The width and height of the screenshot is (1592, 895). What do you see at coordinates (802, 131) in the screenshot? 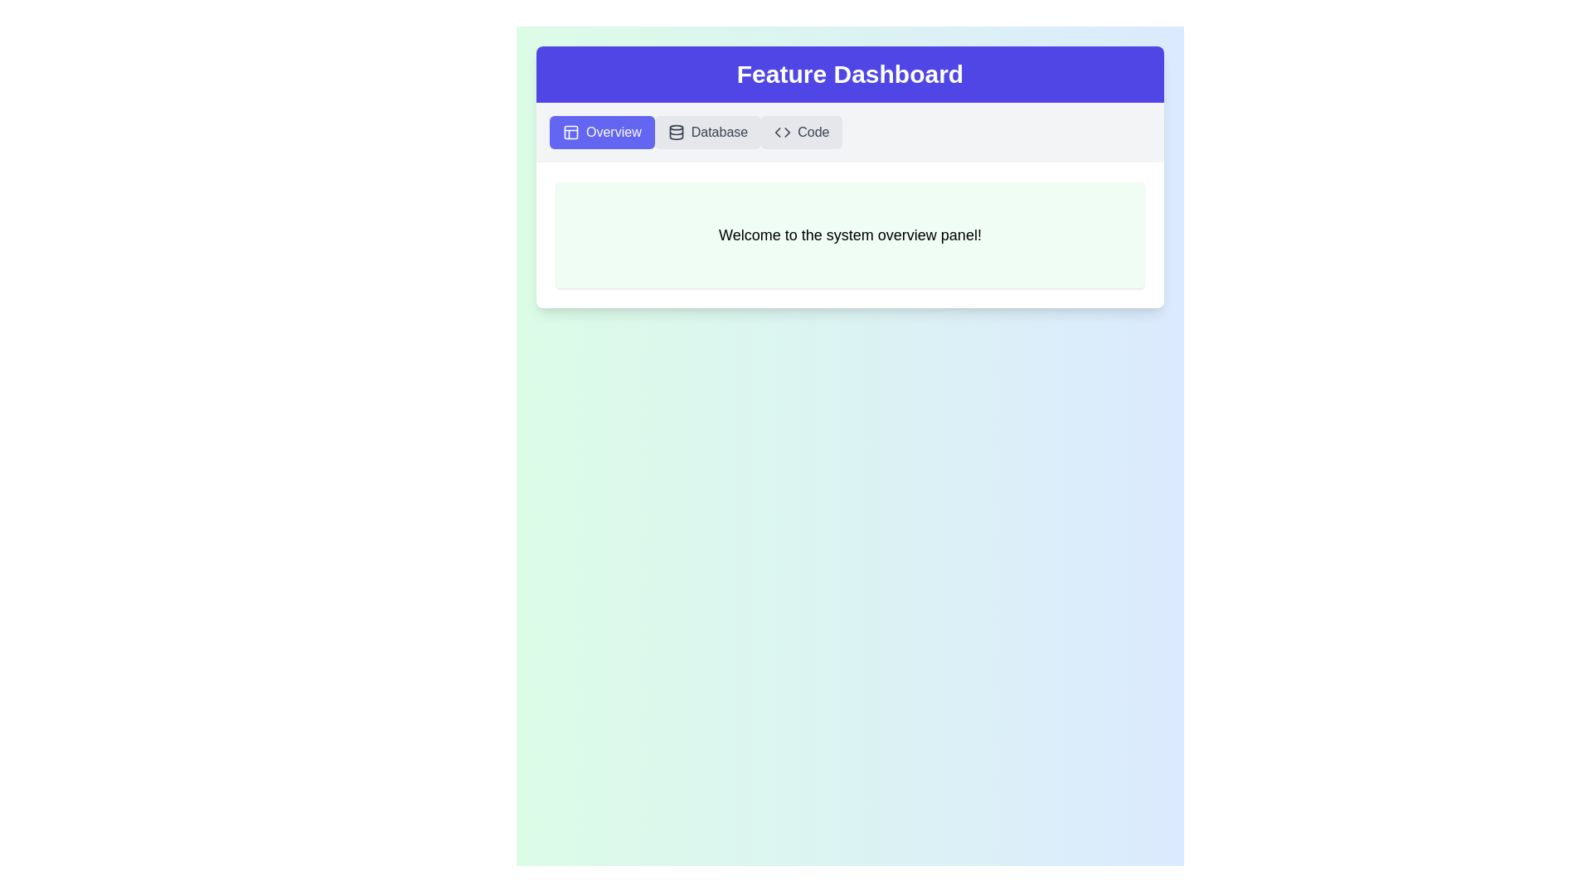
I see `the 'Code' button, which is the third button in a row of interactive buttons` at bounding box center [802, 131].